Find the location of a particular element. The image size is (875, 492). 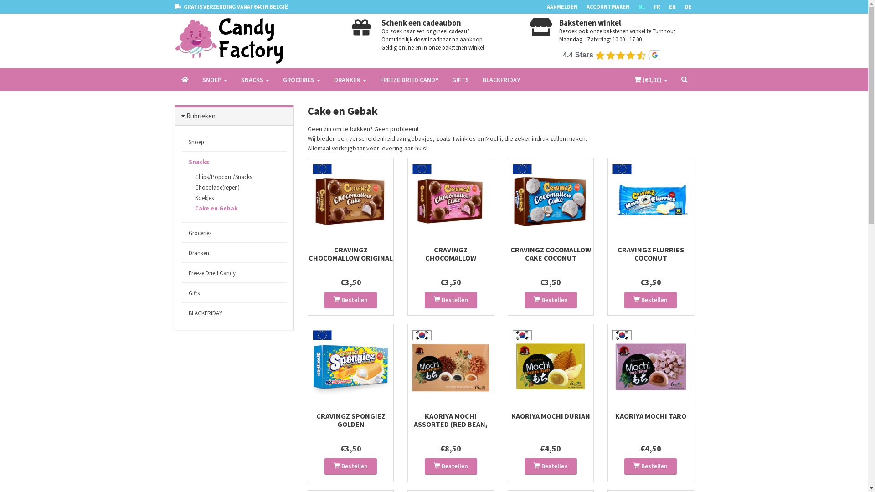

'GIFTS' is located at coordinates (460, 79).